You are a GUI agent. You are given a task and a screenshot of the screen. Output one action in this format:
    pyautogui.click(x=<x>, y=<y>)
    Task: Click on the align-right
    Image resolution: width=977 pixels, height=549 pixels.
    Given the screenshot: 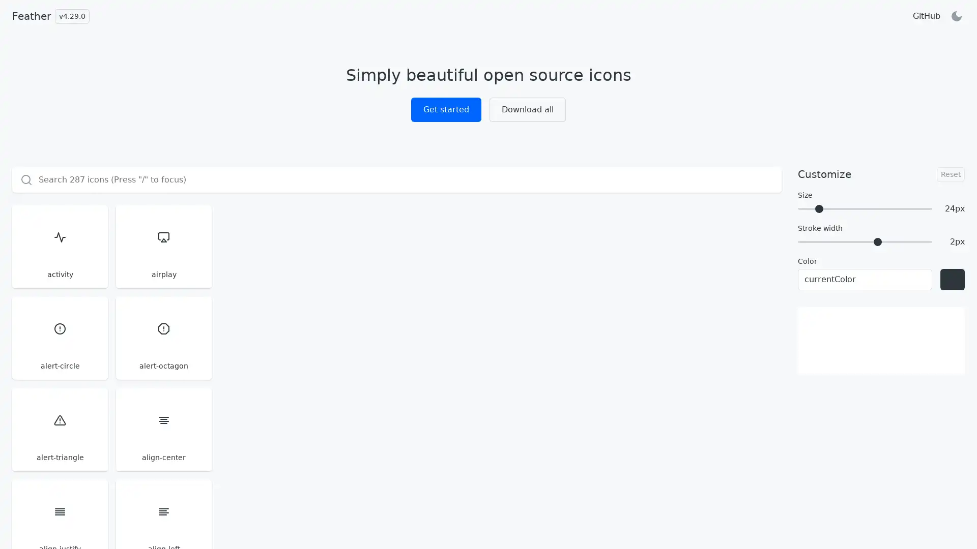 What is the action you would take?
    pyautogui.click(x=742, y=247)
    